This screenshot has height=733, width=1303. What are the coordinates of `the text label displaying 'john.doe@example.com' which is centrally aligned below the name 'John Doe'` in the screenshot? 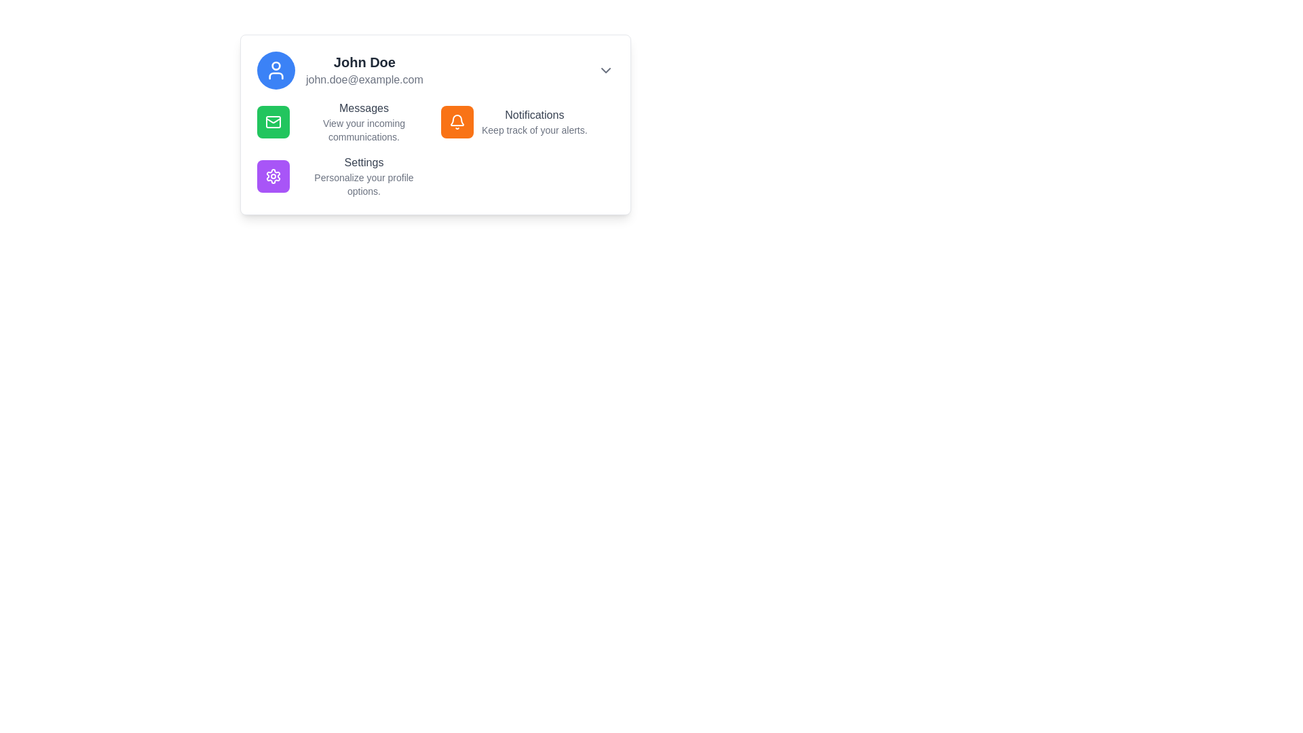 It's located at (364, 80).